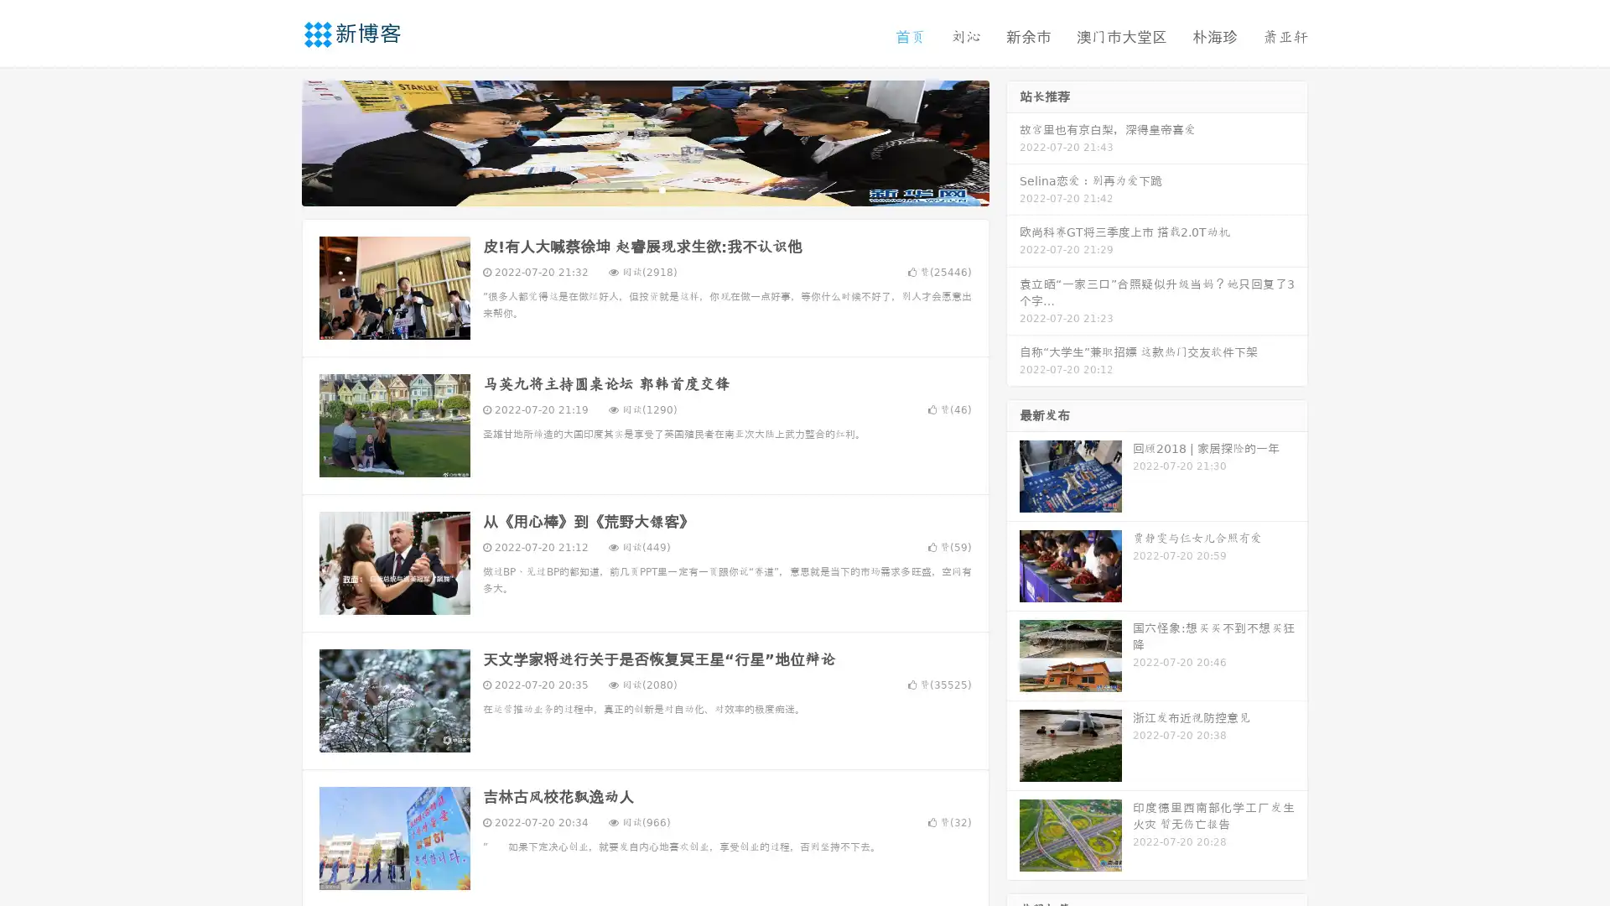 The height and width of the screenshot is (906, 1610). I want to click on Go to slide 1, so click(627, 189).